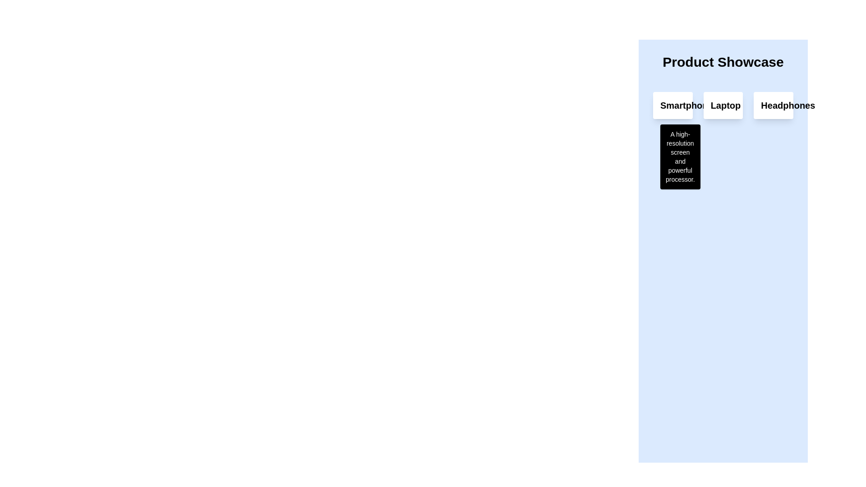 This screenshot has width=866, height=487. I want to click on information content displayed in the tooltip or informational box located below the 'Smartphone' label, so click(680, 156).